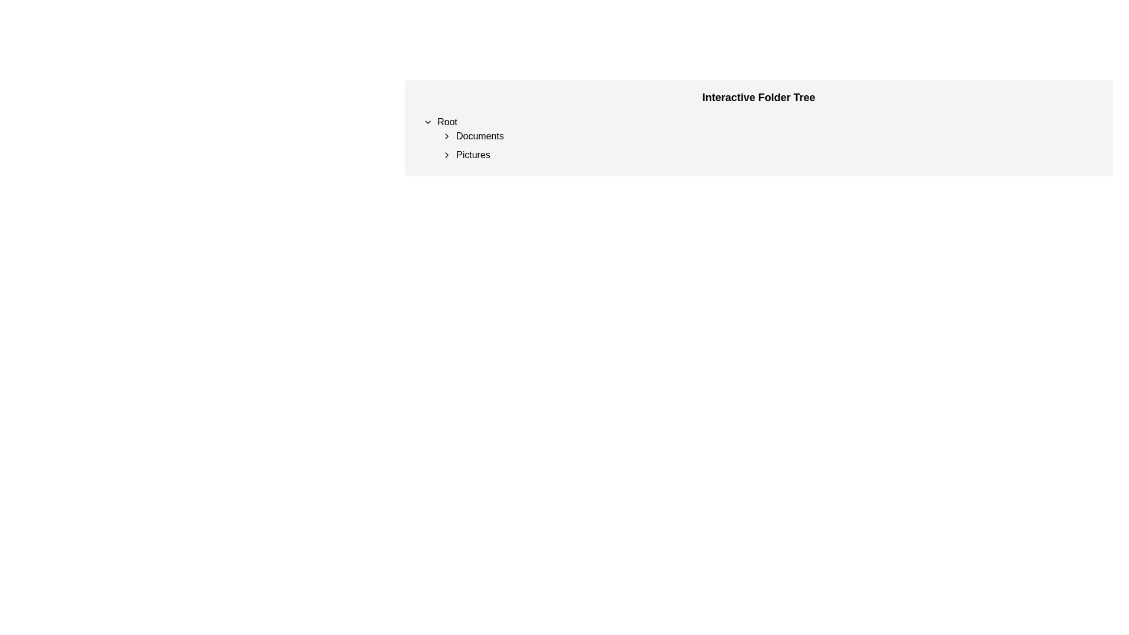  Describe the element at coordinates (446, 122) in the screenshot. I see `the static text label displaying 'Root', which is positioned next to a downward chevron icon, indicating its role in a collapsible folder structure` at that location.